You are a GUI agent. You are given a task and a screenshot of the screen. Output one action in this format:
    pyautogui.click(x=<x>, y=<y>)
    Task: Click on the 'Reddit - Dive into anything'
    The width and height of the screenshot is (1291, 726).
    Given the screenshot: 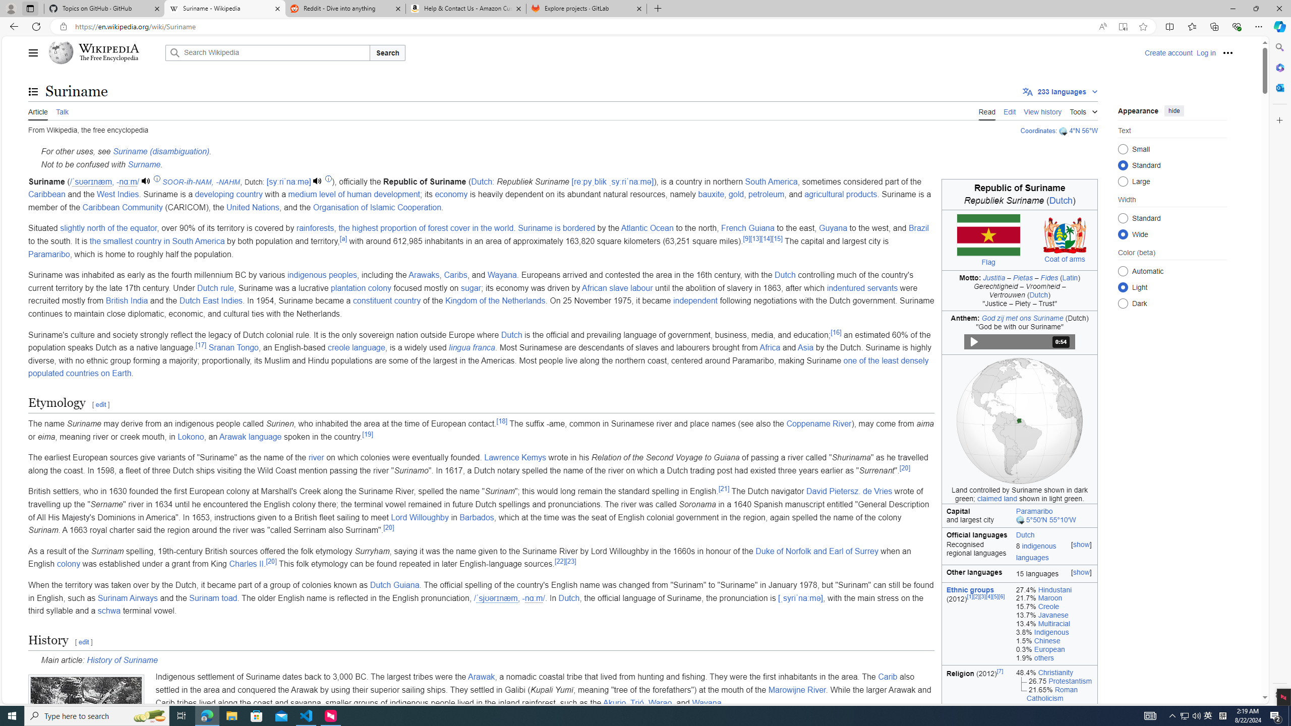 What is the action you would take?
    pyautogui.click(x=345, y=8)
    